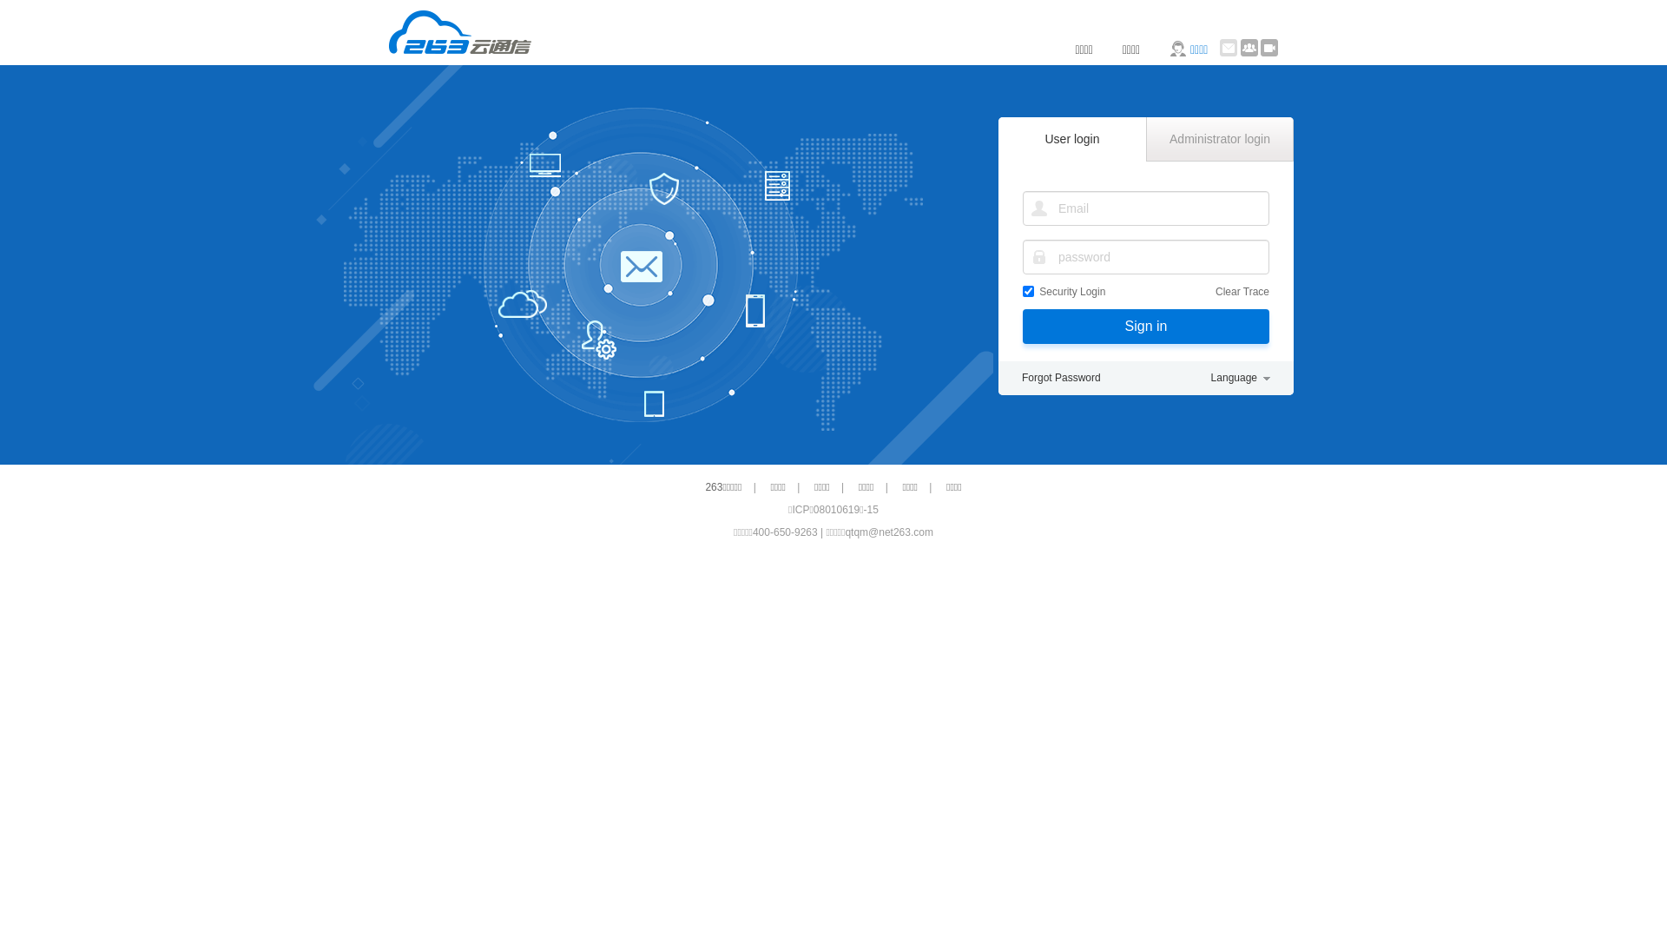  I want to click on 'Language', so click(1240, 377).